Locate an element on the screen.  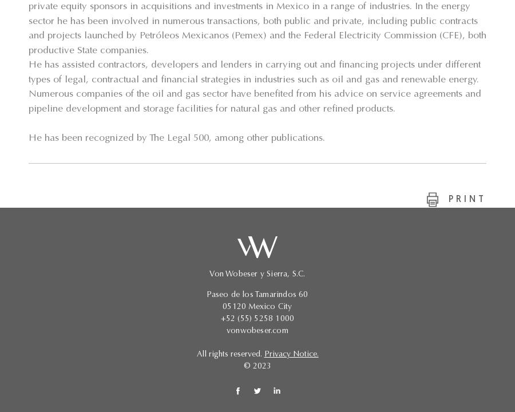
'Von Wobeser y Sierra, S.C.' is located at coordinates (257, 275).